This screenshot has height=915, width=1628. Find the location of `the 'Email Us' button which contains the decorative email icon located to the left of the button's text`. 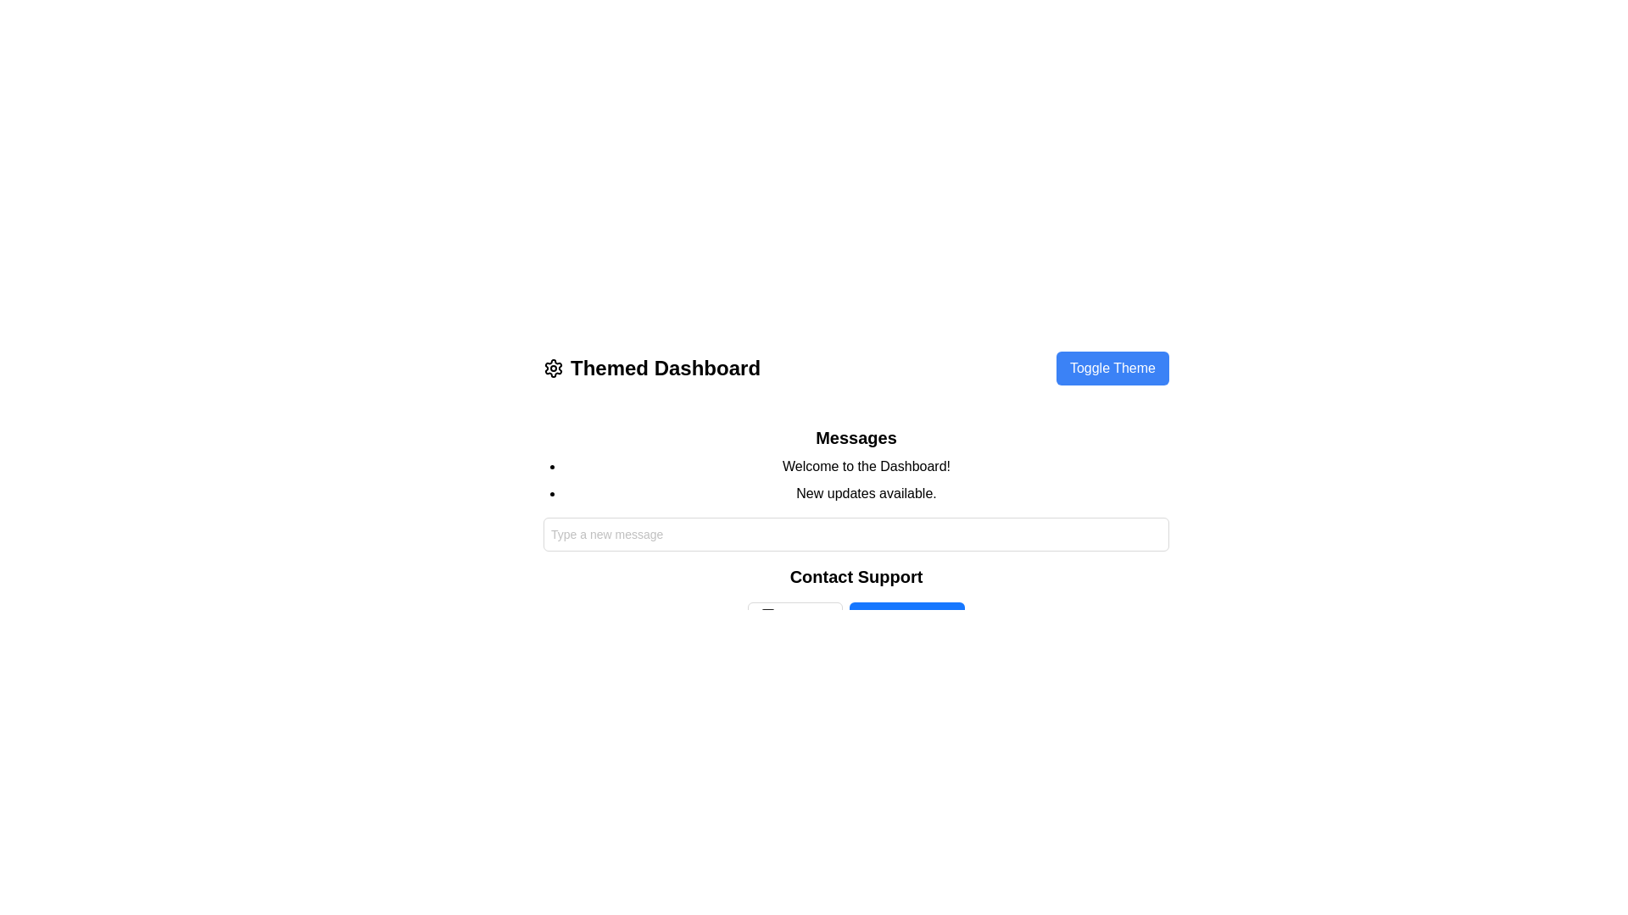

the 'Email Us' button which contains the decorative email icon located to the left of the button's text is located at coordinates (767, 615).